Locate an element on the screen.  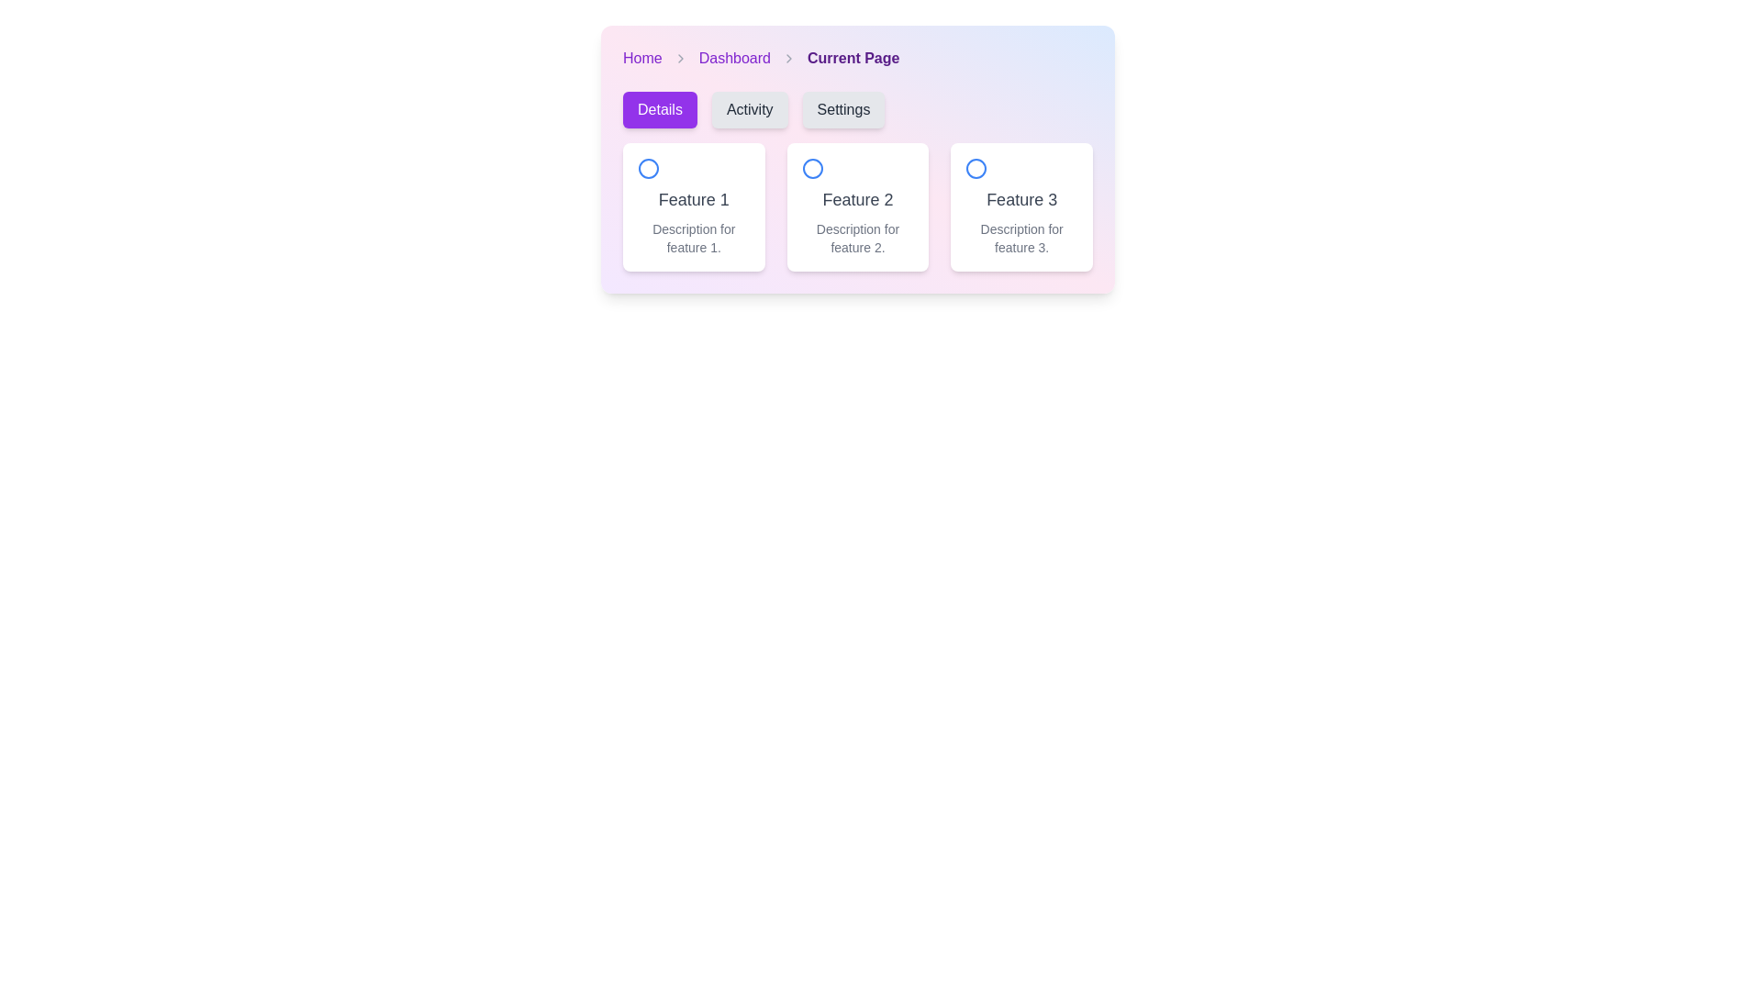
the Information card element that contains a circular blue icon, the title 'Feature 2' in bold, and the description 'Description for feature 2.' is located at coordinates (857, 206).